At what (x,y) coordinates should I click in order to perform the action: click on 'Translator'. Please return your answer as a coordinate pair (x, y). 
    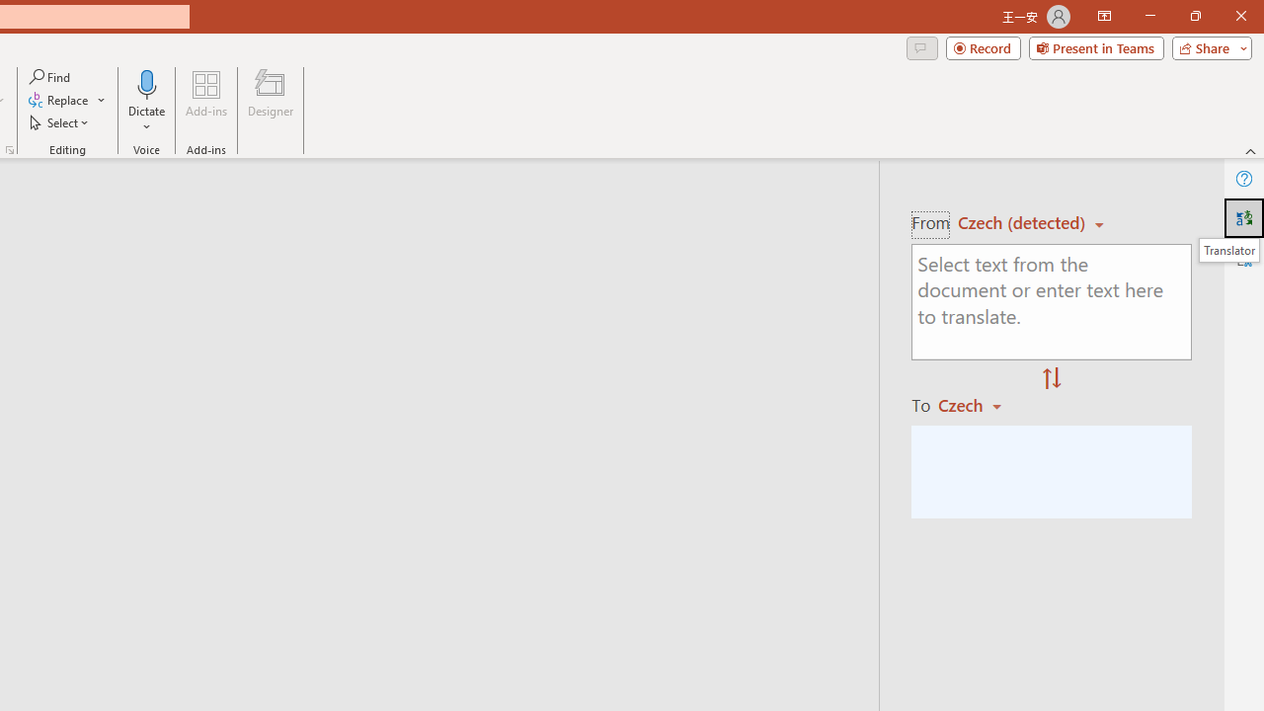
    Looking at the image, I should click on (1227, 249).